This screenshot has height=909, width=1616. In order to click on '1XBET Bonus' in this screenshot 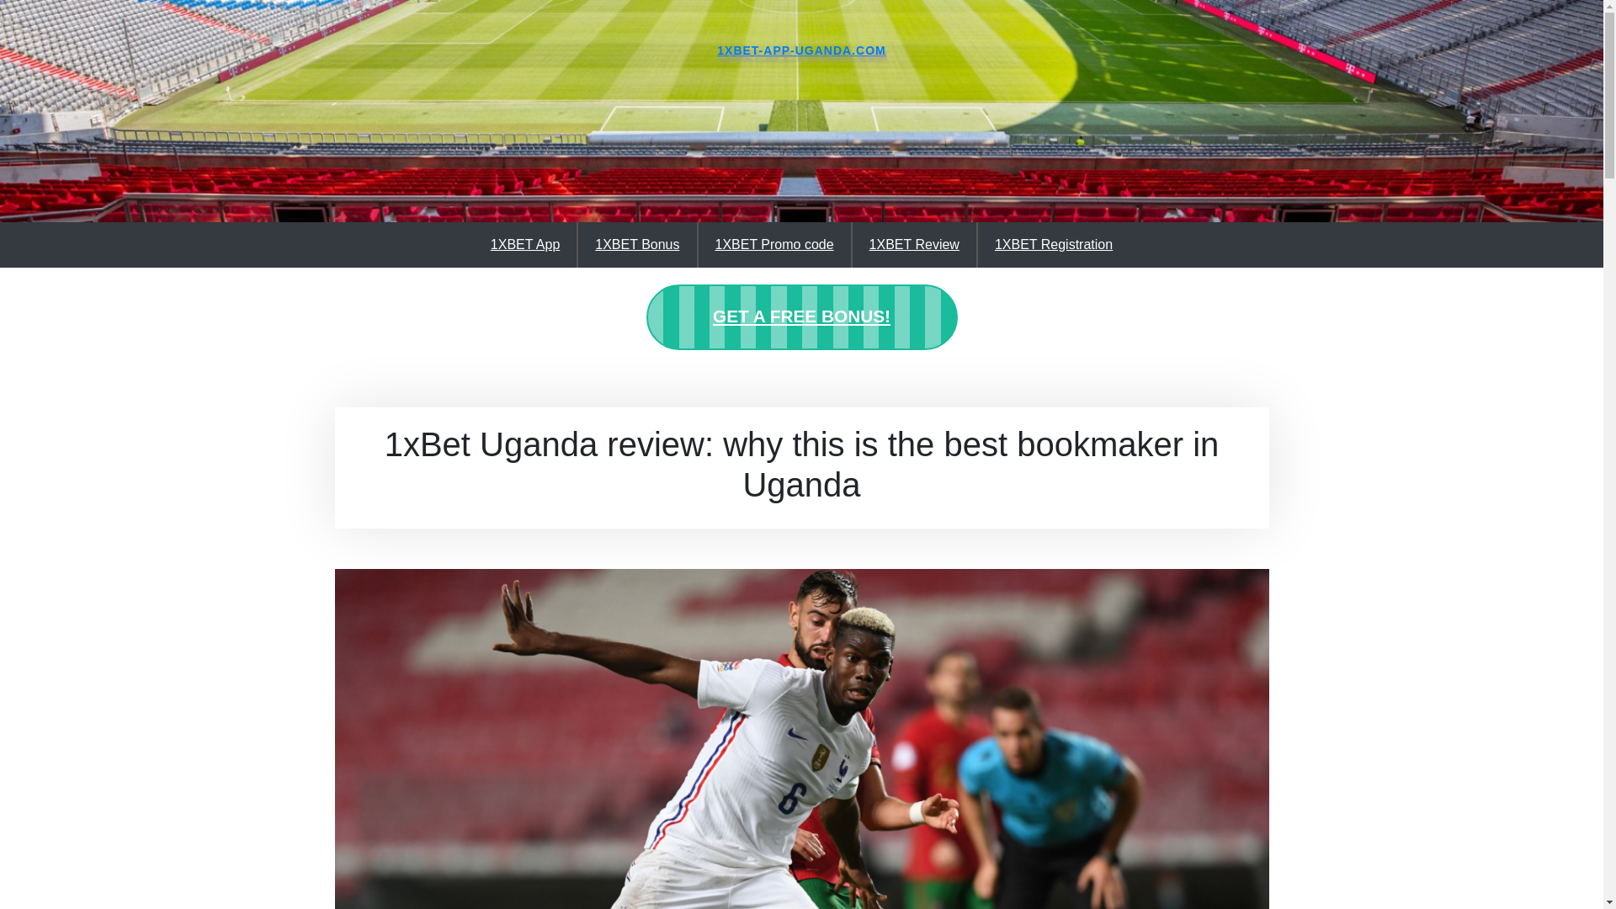, I will do `click(636, 244)`.